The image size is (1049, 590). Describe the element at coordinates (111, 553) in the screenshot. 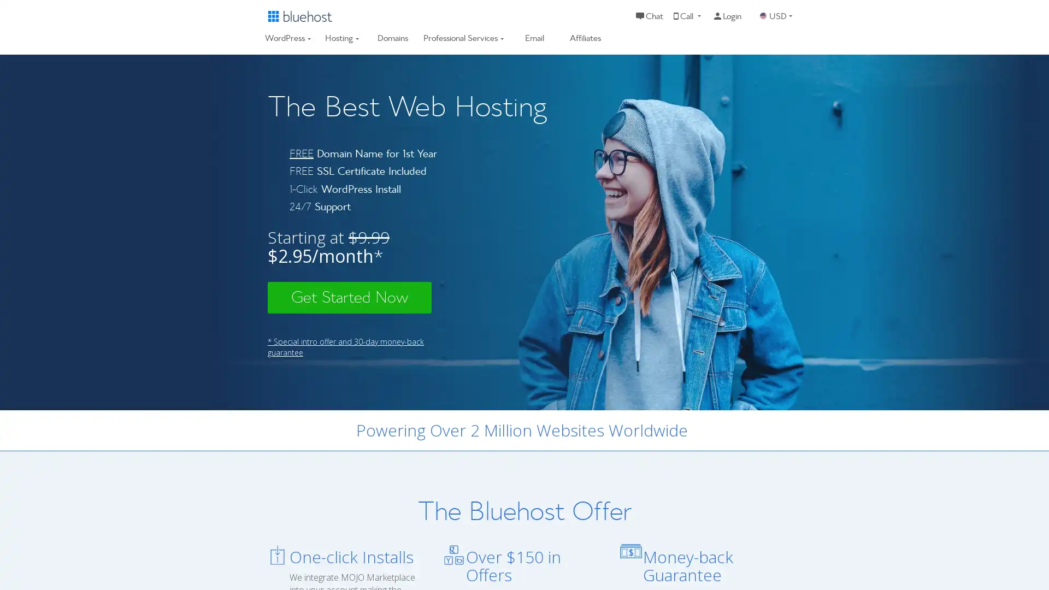

I see `Cookies Settings` at that location.